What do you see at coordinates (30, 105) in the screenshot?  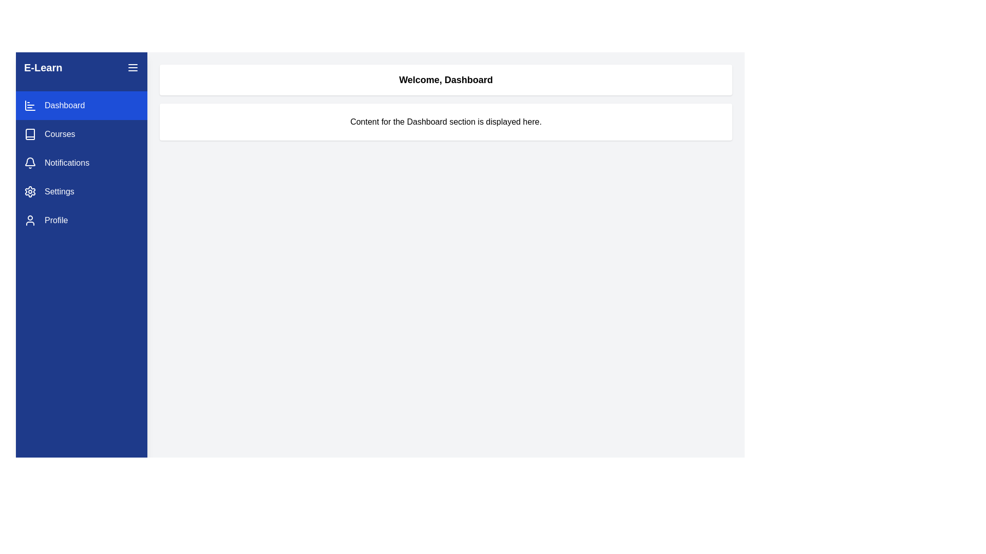 I see `the compact bar chart icon located to the left of the 'Dashboard' text in the vertical navigation menu` at bounding box center [30, 105].